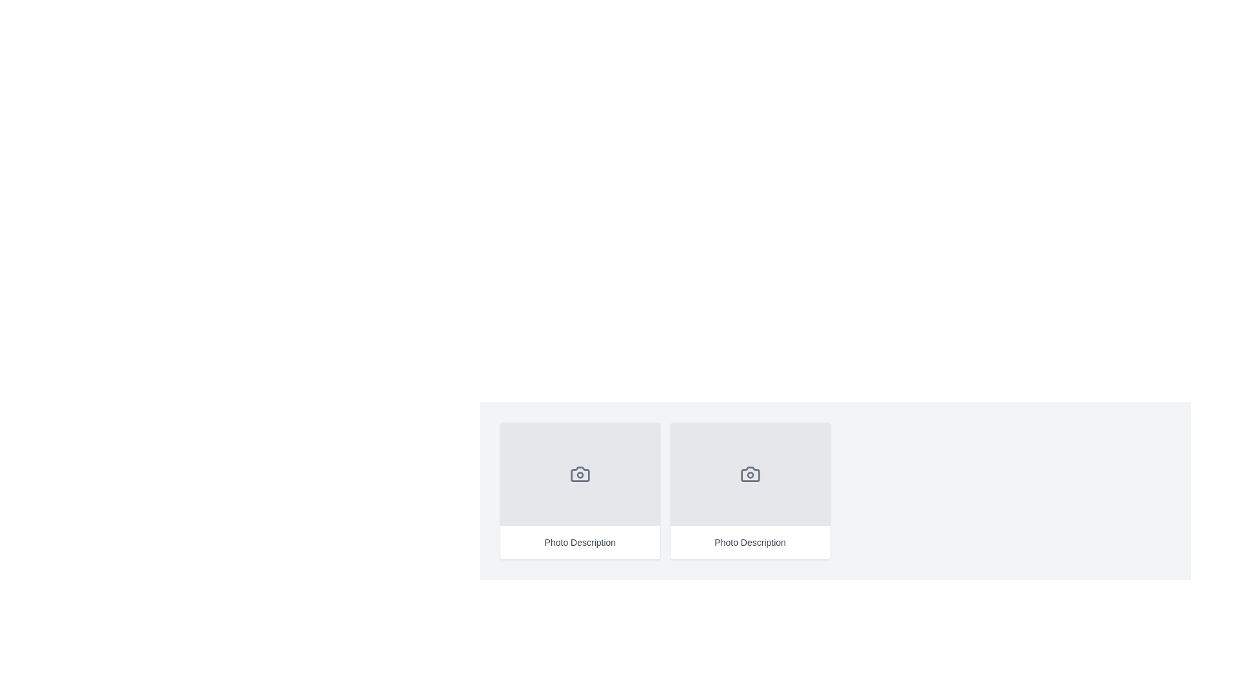  I want to click on the camera icon's main body element located at the center of the leftmost column to trigger contextual actions, so click(579, 474).